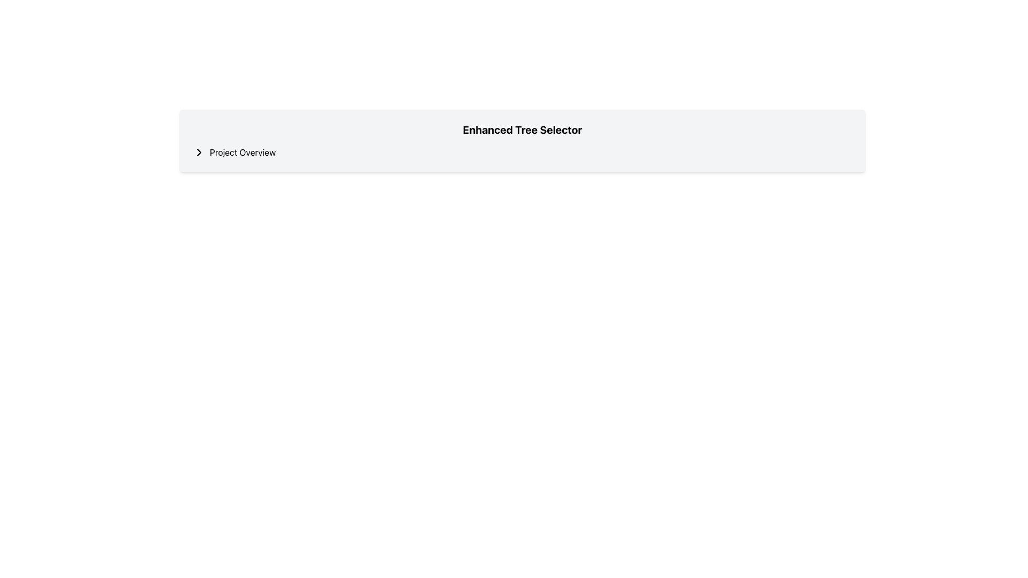 Image resolution: width=1028 pixels, height=578 pixels. What do you see at coordinates (199, 153) in the screenshot?
I see `the Right-facing Chevron Icon located next to the 'Project Overview' section, which indicates an expandable section` at bounding box center [199, 153].